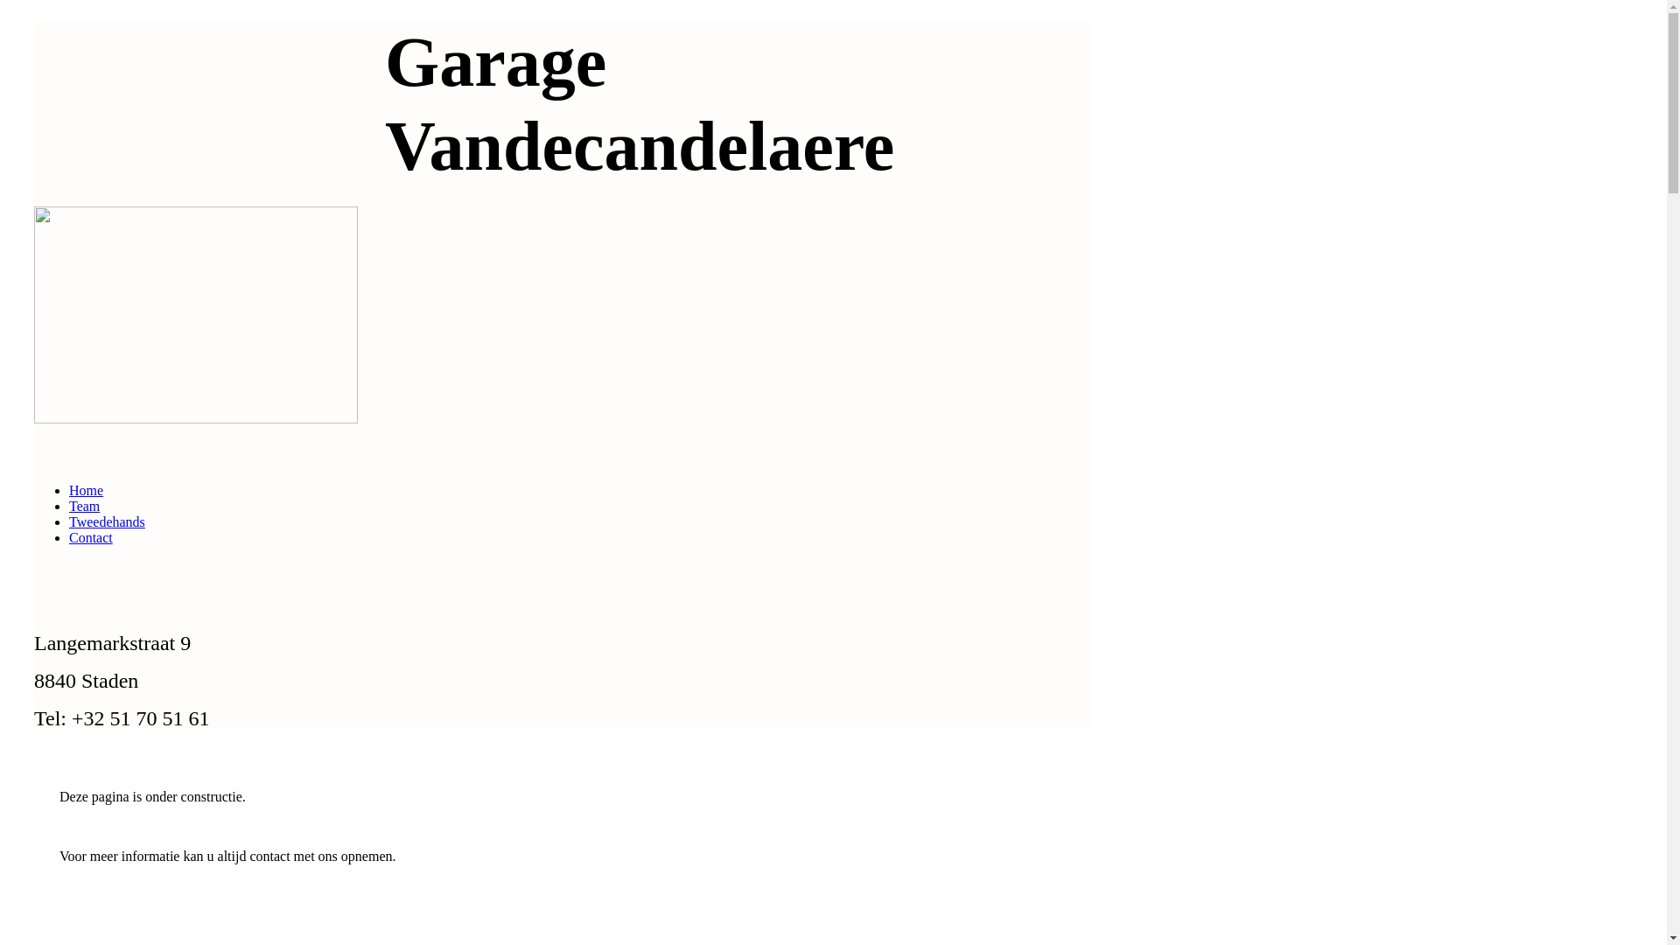  What do you see at coordinates (85, 490) in the screenshot?
I see `'Home'` at bounding box center [85, 490].